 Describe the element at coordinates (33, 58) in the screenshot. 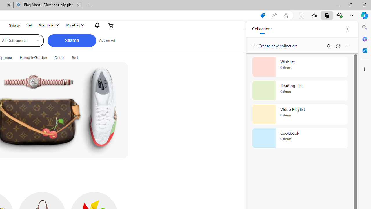

I see `'Home & GardenExpand: Home & Garden'` at that location.